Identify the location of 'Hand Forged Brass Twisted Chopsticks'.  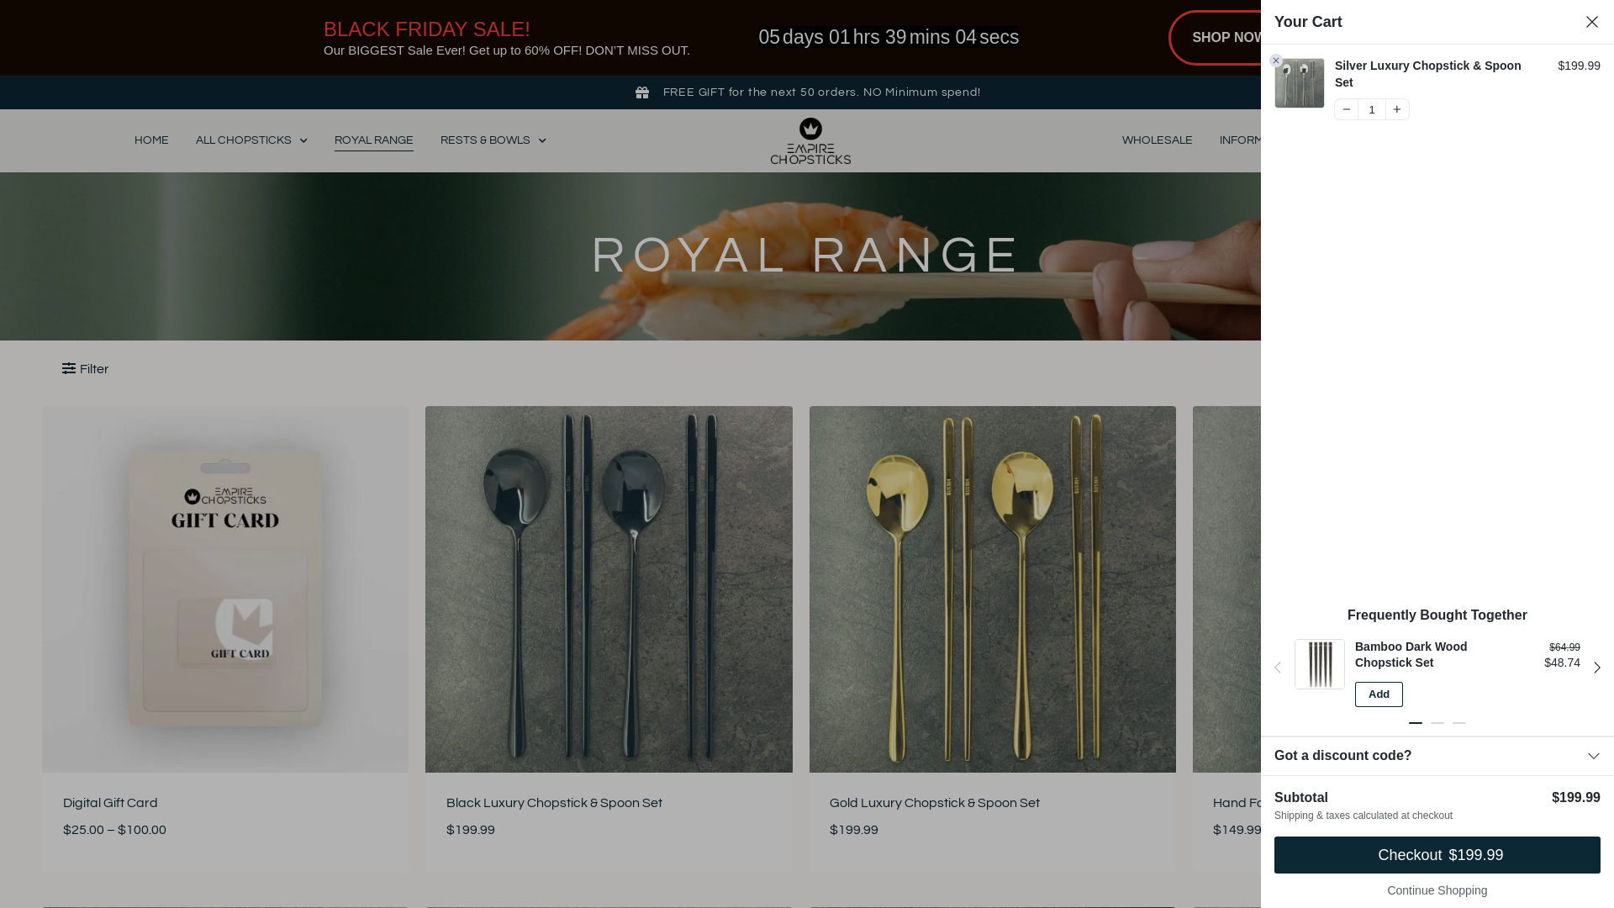
(1213, 802).